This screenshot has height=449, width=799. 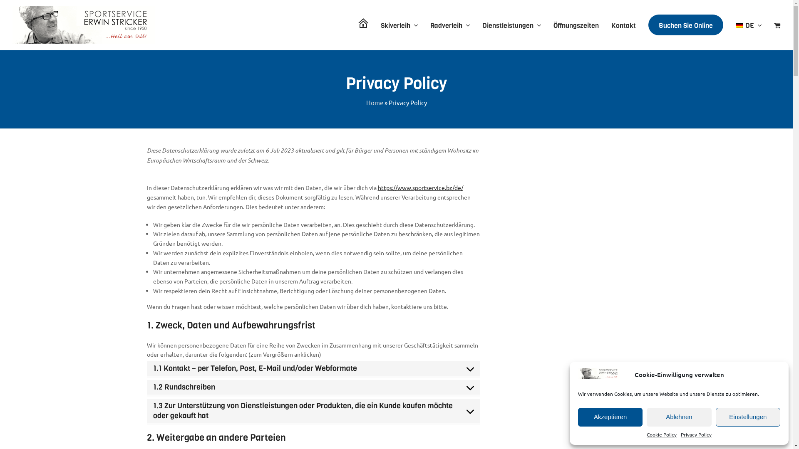 What do you see at coordinates (399, 25) in the screenshot?
I see `'Skiverleih'` at bounding box center [399, 25].